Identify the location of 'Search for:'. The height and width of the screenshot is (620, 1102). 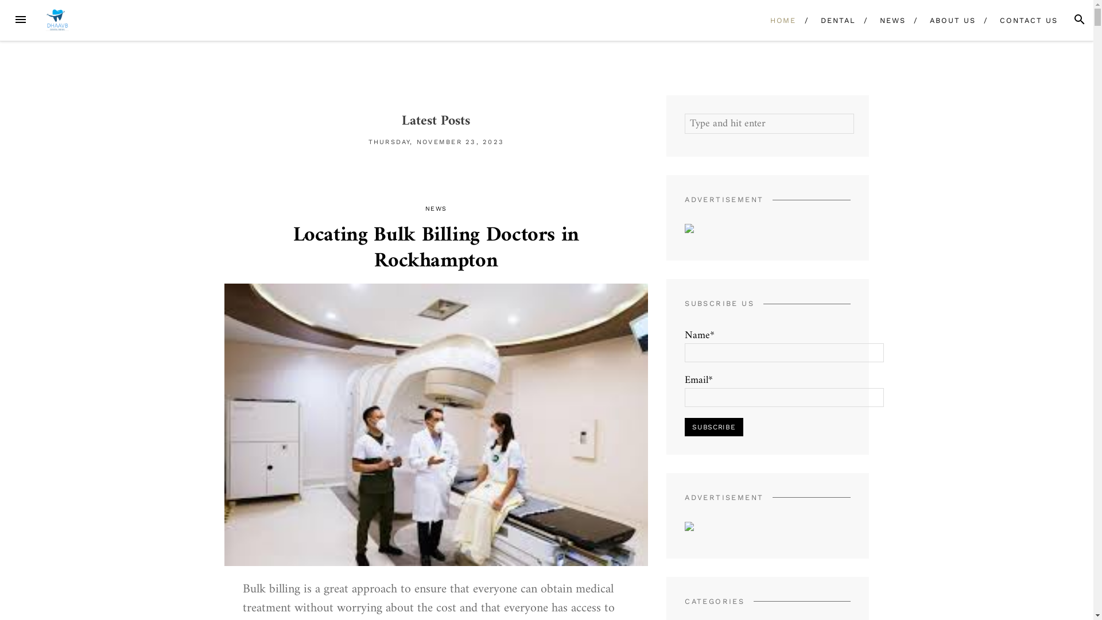
(769, 123).